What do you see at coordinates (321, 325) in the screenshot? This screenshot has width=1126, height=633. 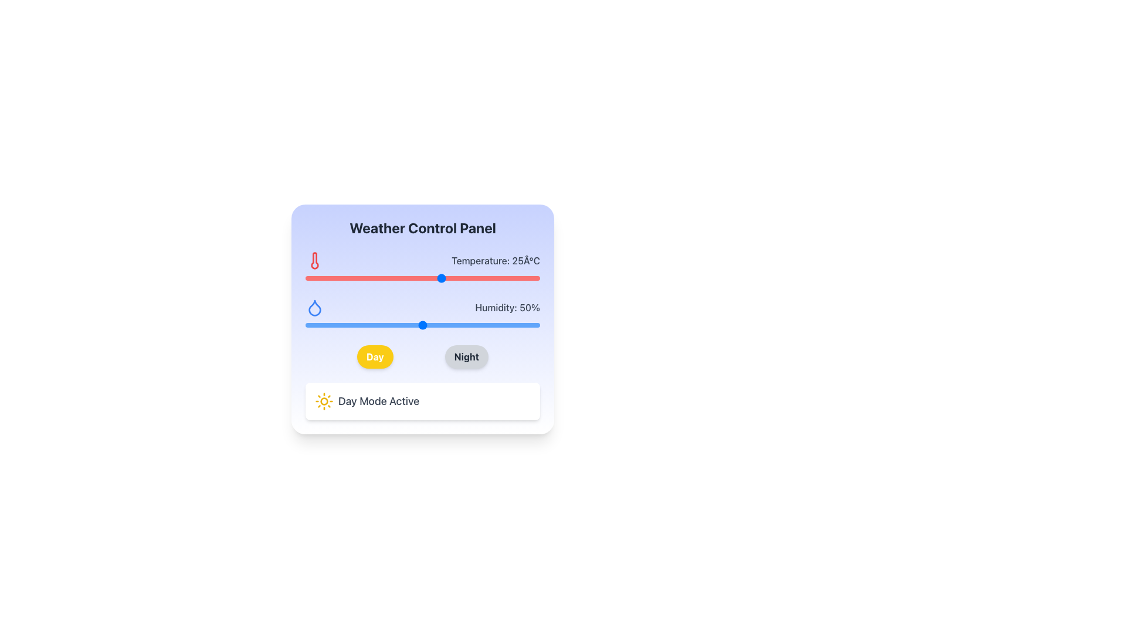 I see `humidity` at bounding box center [321, 325].